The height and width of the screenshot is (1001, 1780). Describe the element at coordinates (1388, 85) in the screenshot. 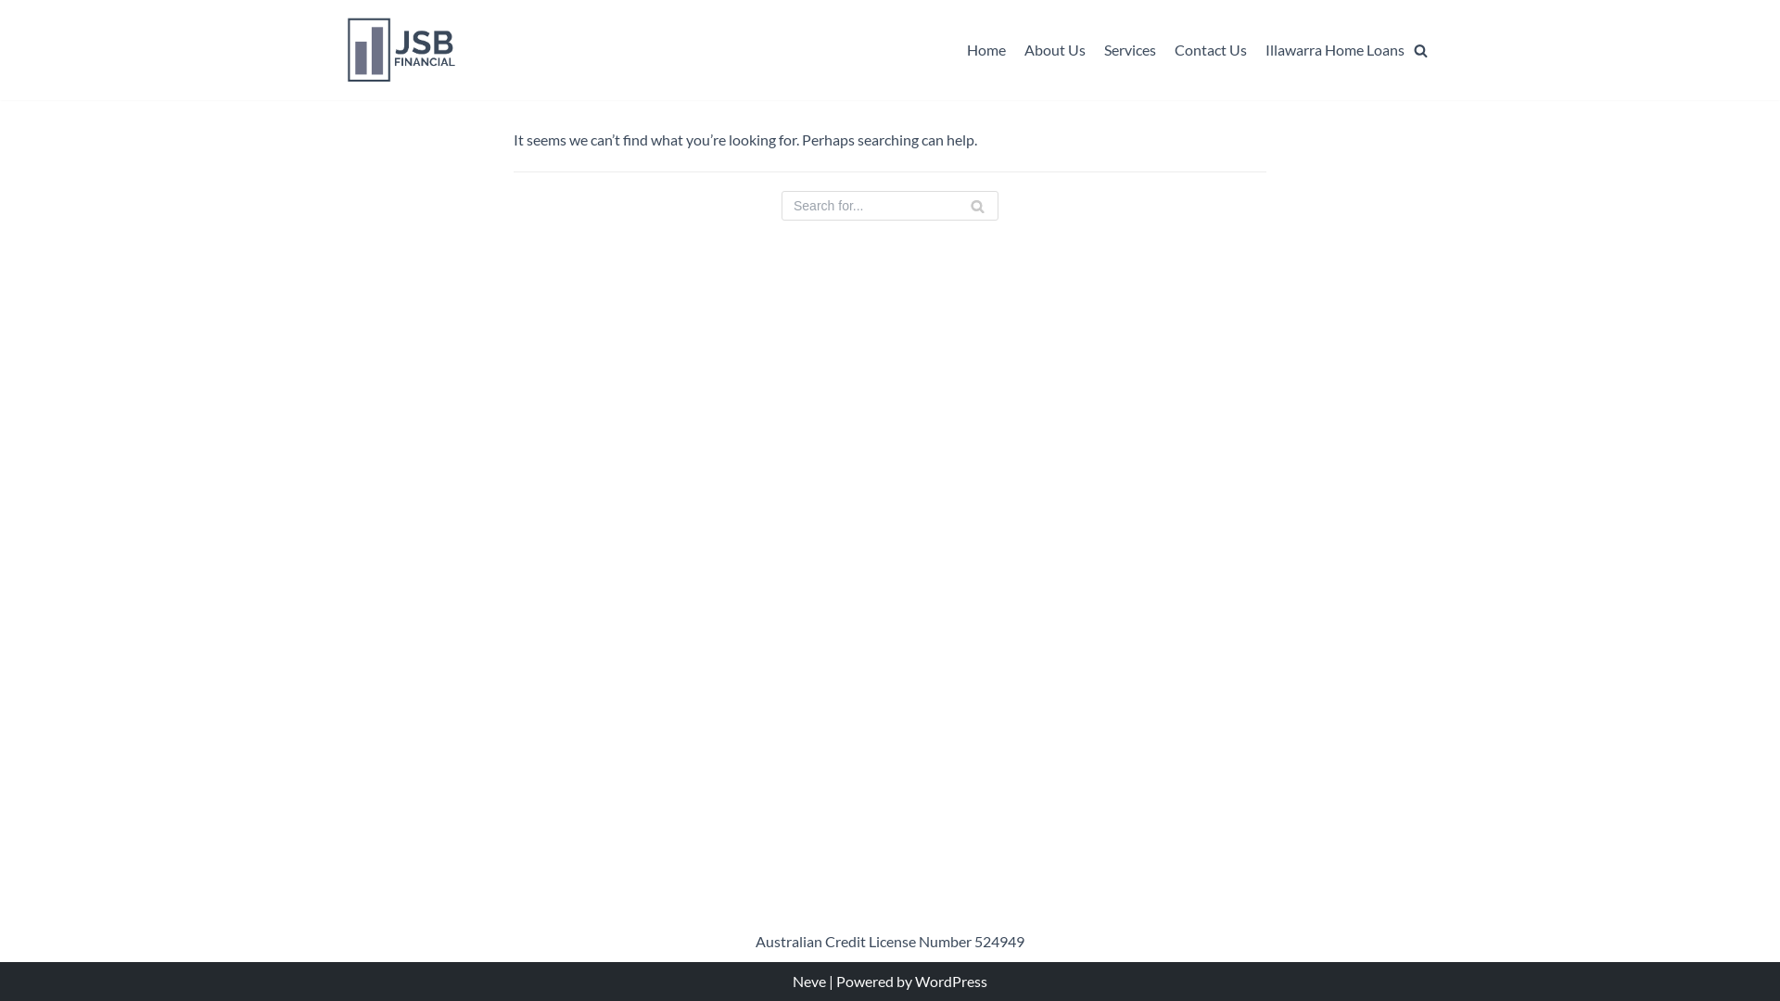

I see `'Search'` at that location.